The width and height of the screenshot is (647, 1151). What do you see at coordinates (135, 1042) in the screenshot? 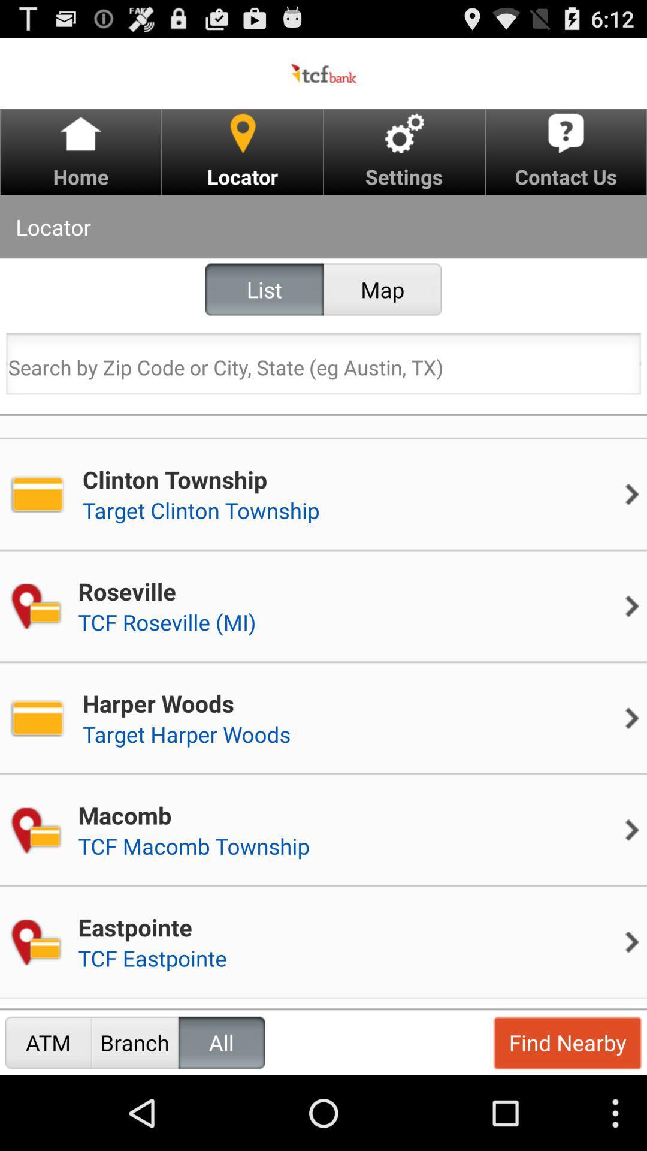
I see `the item next to atm radio button` at bounding box center [135, 1042].